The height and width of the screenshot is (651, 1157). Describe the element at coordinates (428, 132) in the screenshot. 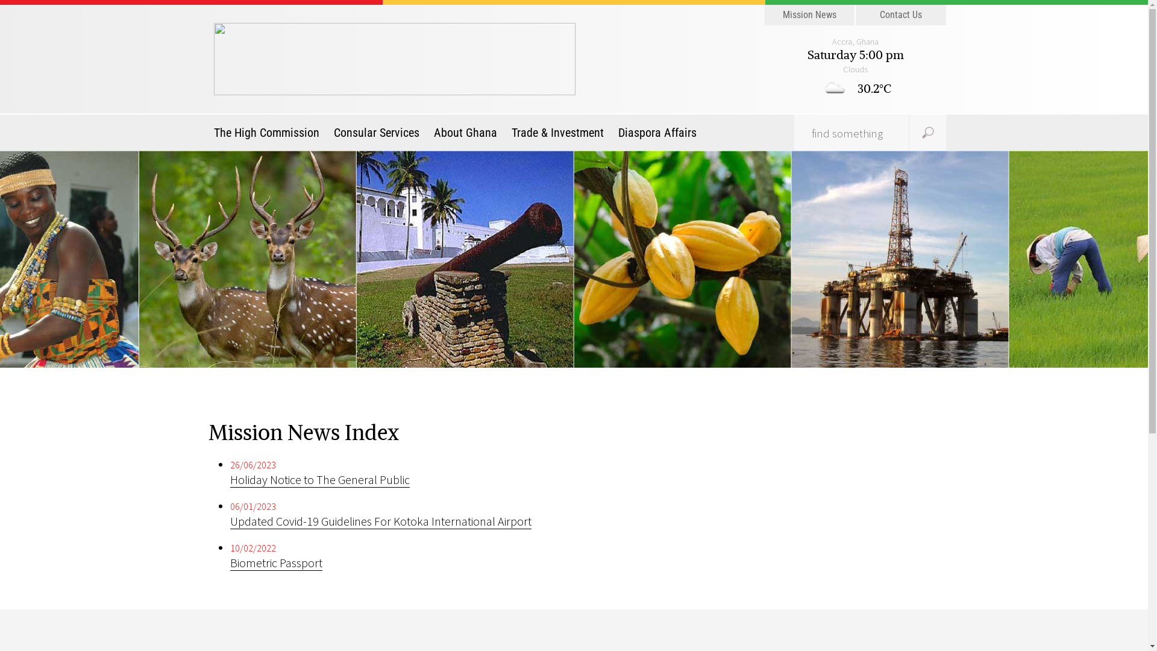

I see `'About Ghana'` at that location.